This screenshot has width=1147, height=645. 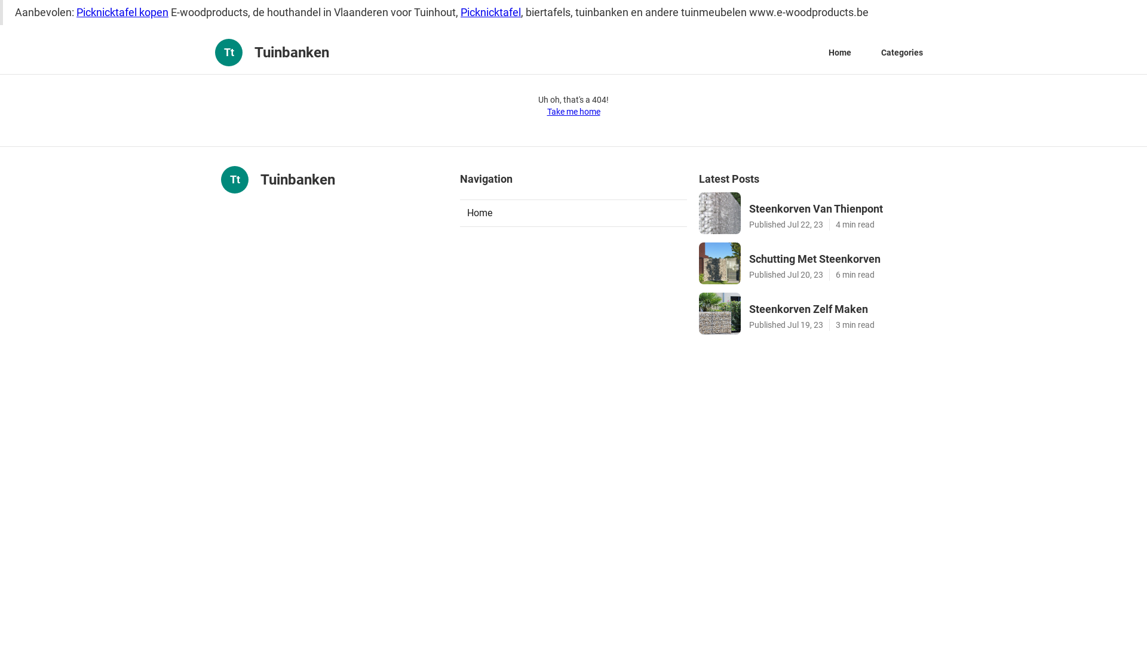 I want to click on 'Home', so click(x=573, y=213).